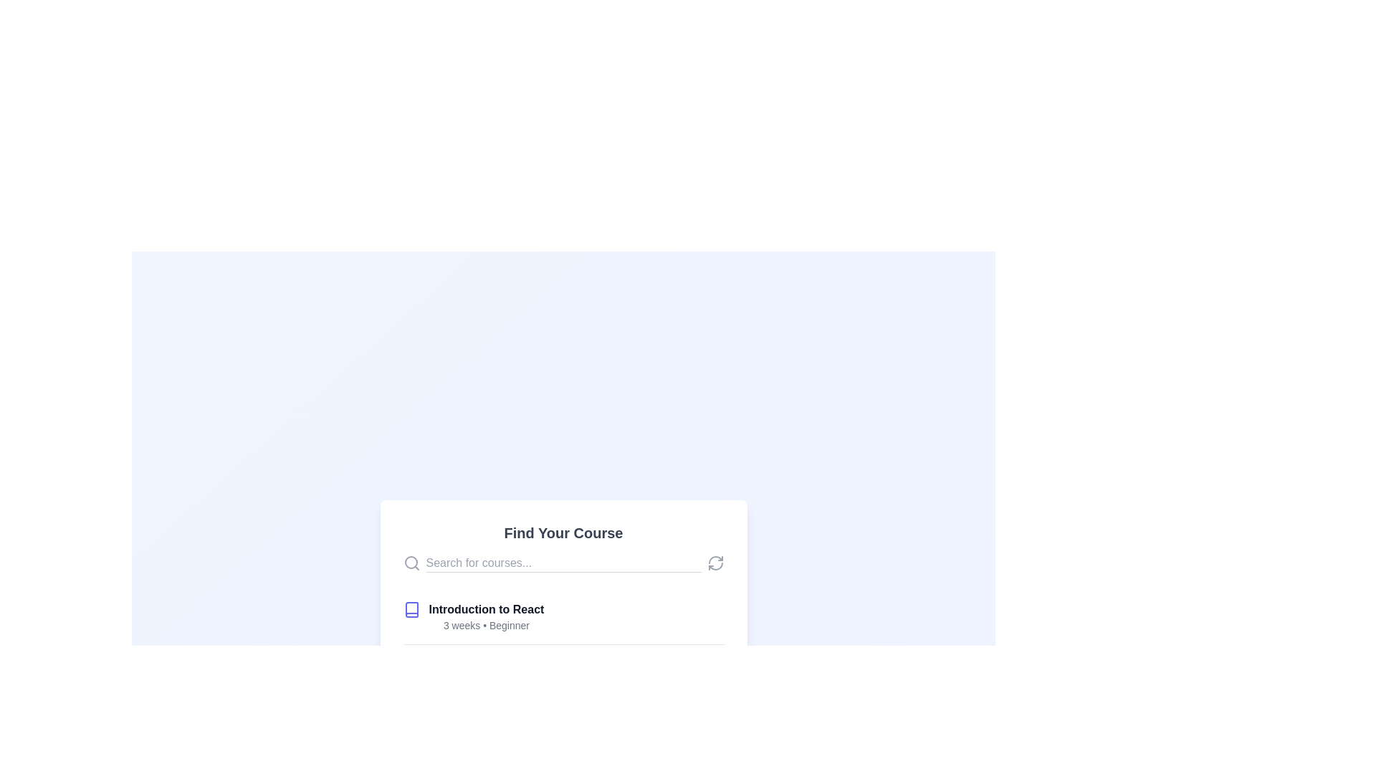 The image size is (1376, 774). What do you see at coordinates (411, 609) in the screenshot?
I see `the course listing icon located to the left of the label 'Introduction to React' in the course list section` at bounding box center [411, 609].